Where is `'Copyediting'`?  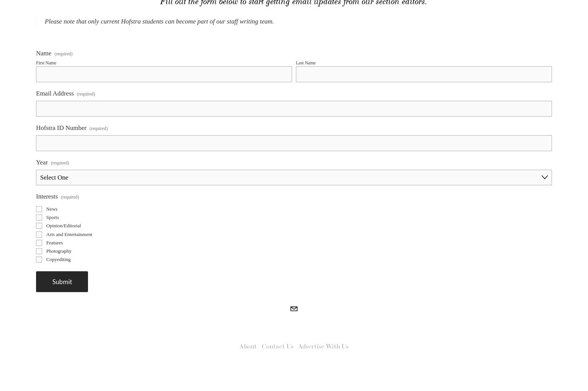 'Copyediting' is located at coordinates (46, 274).